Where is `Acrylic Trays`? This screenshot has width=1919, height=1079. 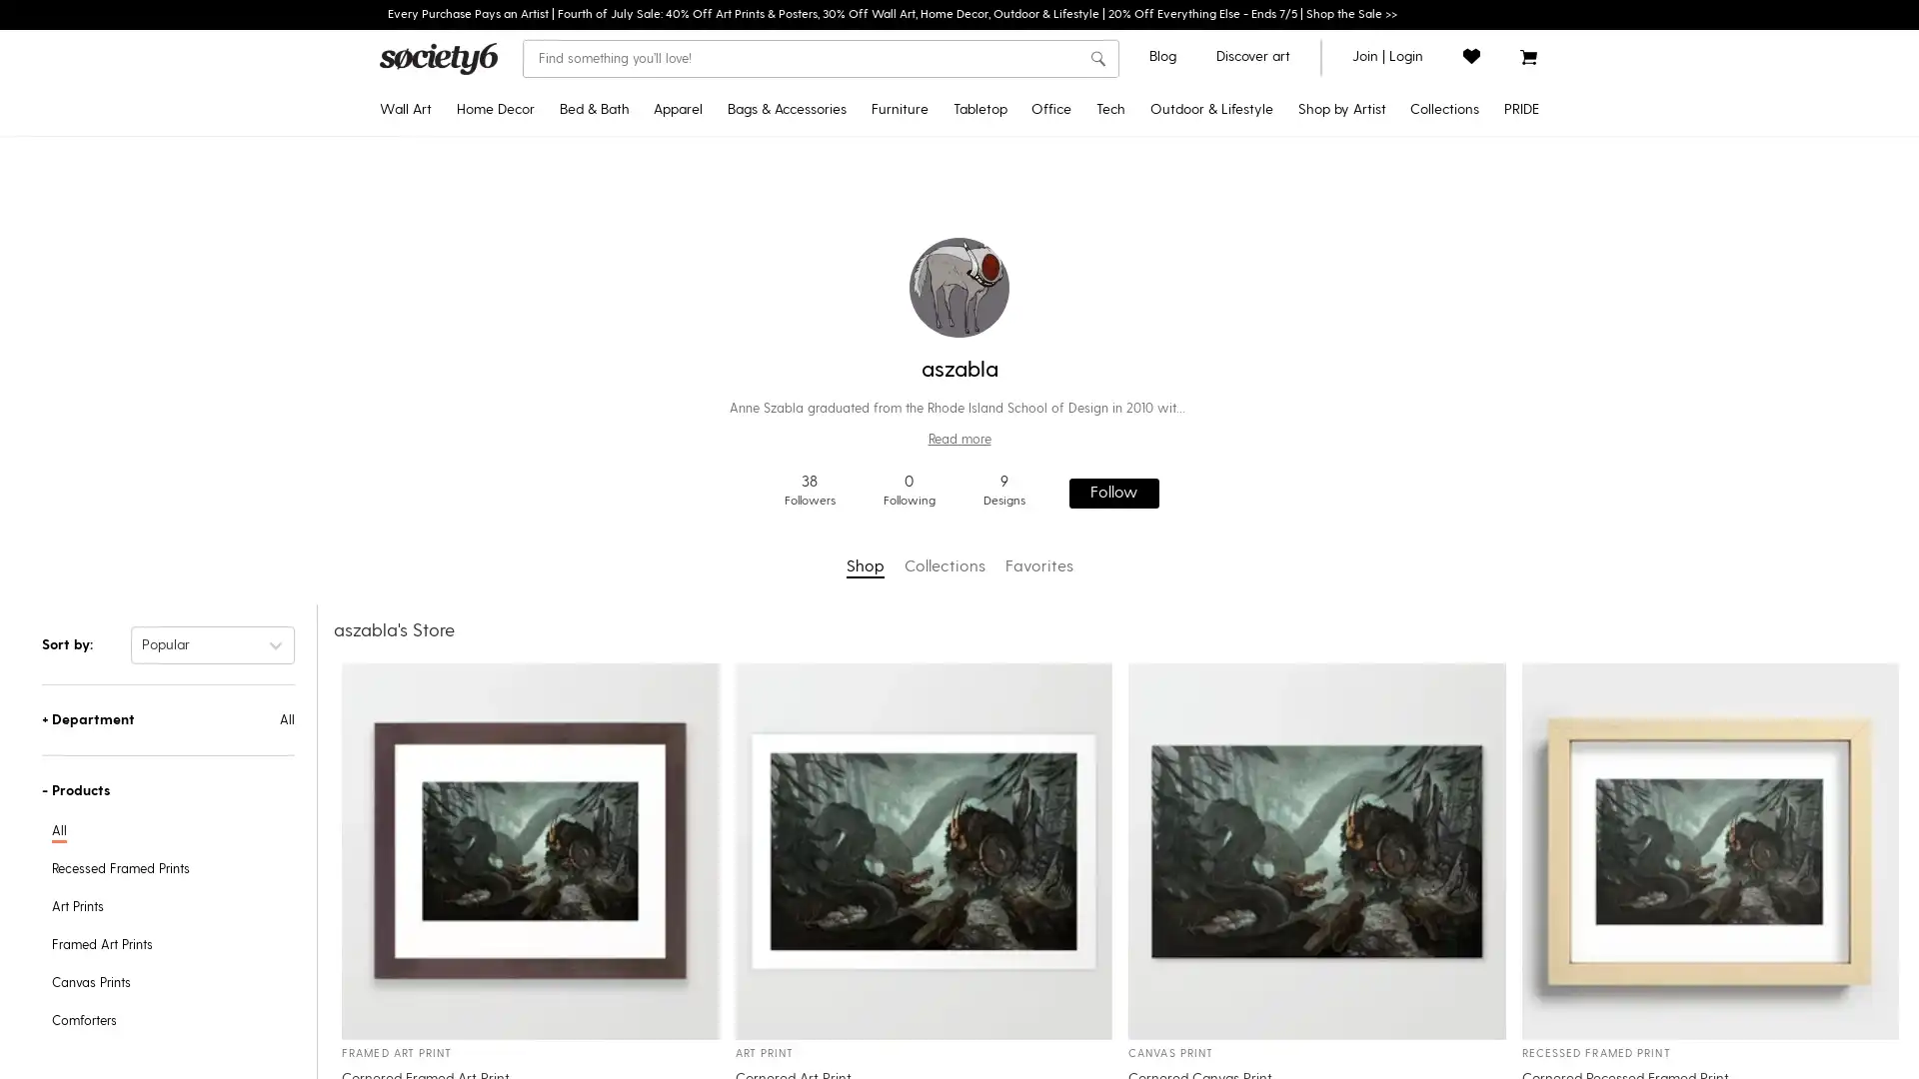
Acrylic Trays is located at coordinates (1100, 289).